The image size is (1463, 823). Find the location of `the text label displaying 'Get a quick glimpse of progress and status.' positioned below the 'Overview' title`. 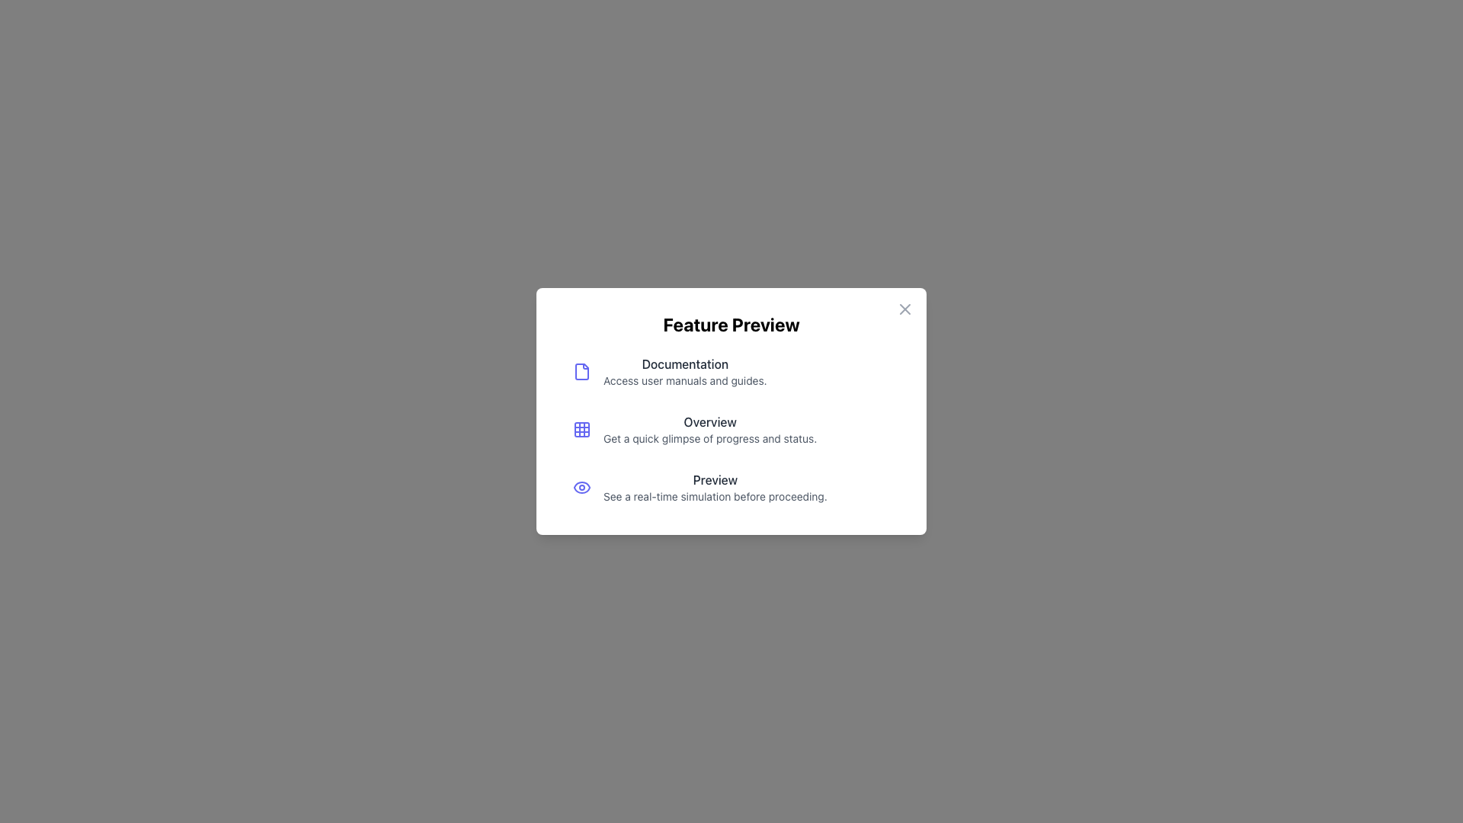

the text label displaying 'Get a quick glimpse of progress and status.' positioned below the 'Overview' title is located at coordinates (709, 438).